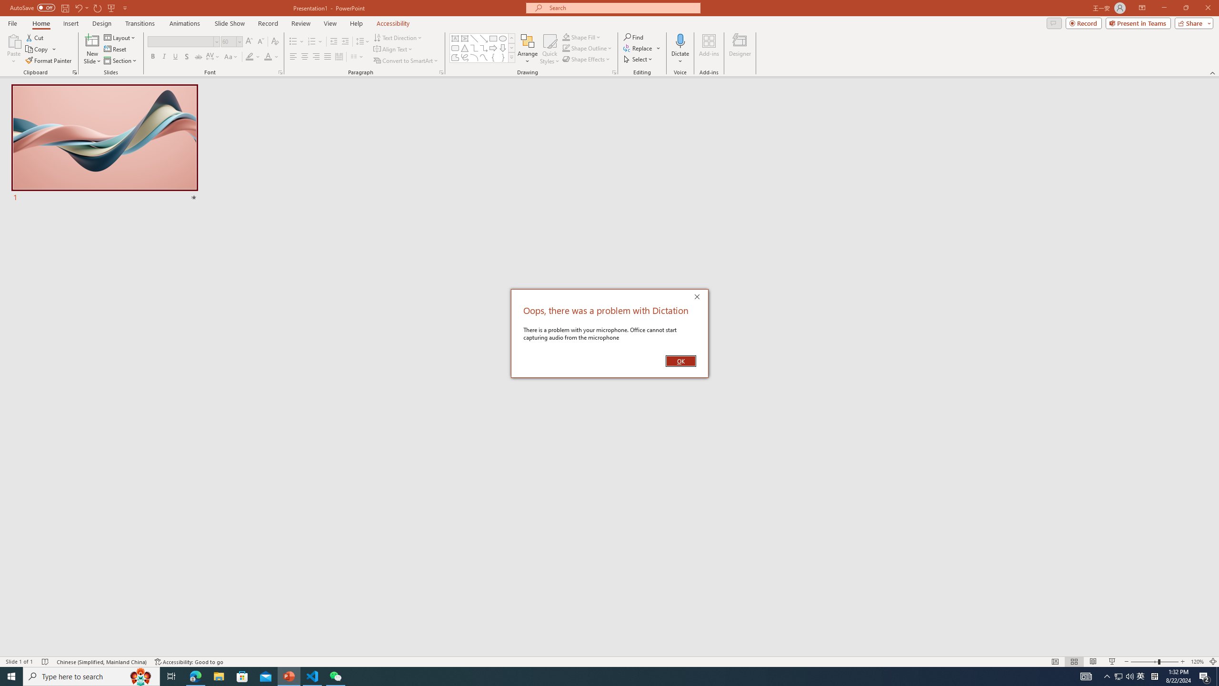 The height and width of the screenshot is (686, 1219). What do you see at coordinates (115, 49) in the screenshot?
I see `'Reset'` at bounding box center [115, 49].